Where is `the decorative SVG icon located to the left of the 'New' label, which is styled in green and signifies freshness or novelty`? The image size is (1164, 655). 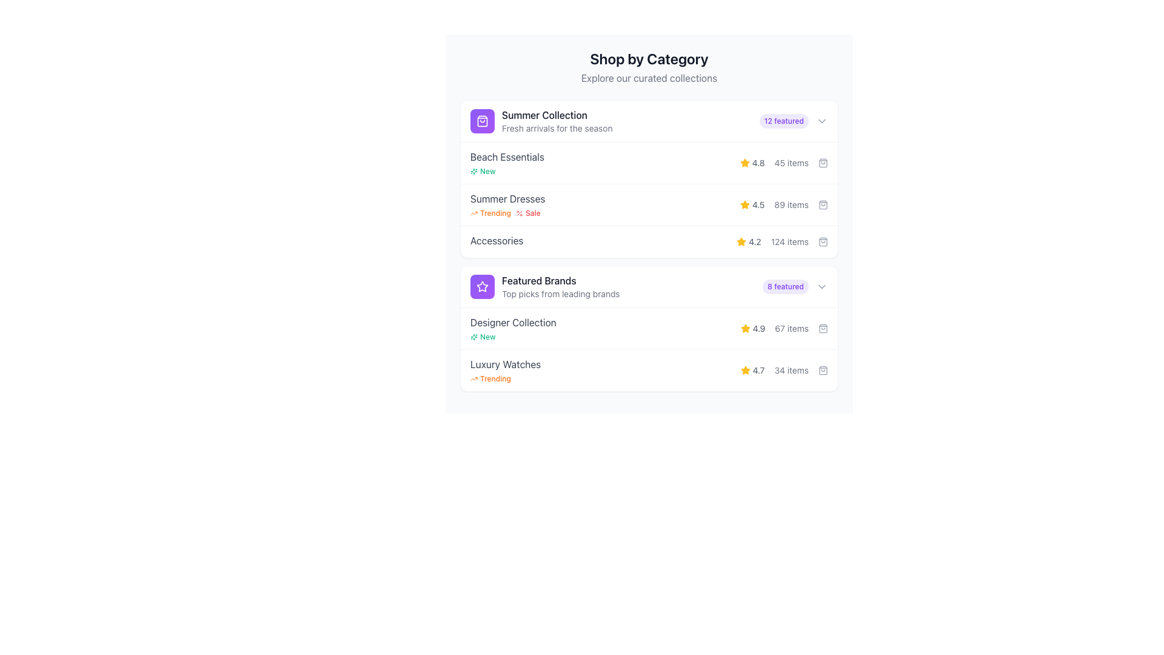 the decorative SVG icon located to the left of the 'New' label, which is styled in green and signifies freshness or novelty is located at coordinates (473, 171).